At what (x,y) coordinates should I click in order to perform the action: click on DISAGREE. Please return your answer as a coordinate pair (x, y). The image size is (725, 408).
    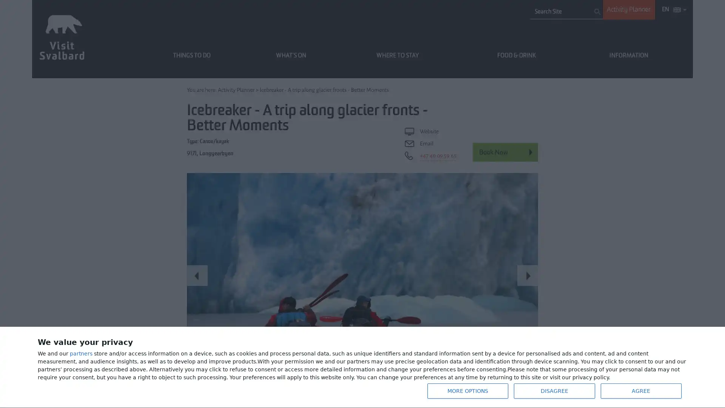
    Looking at the image, I should click on (554, 391).